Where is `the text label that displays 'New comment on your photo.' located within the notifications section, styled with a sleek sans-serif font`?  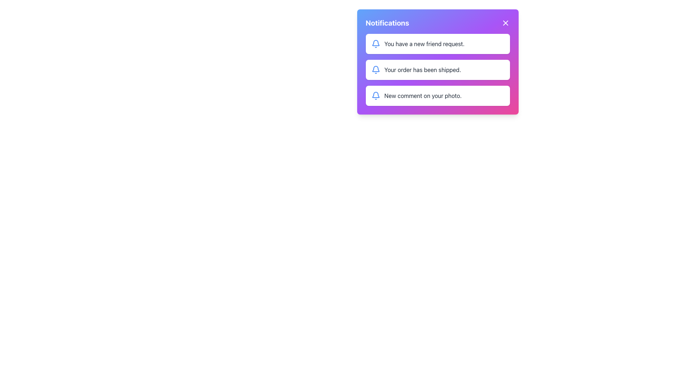 the text label that displays 'New comment on your photo.' located within the notifications section, styled with a sleek sans-serif font is located at coordinates (423, 95).